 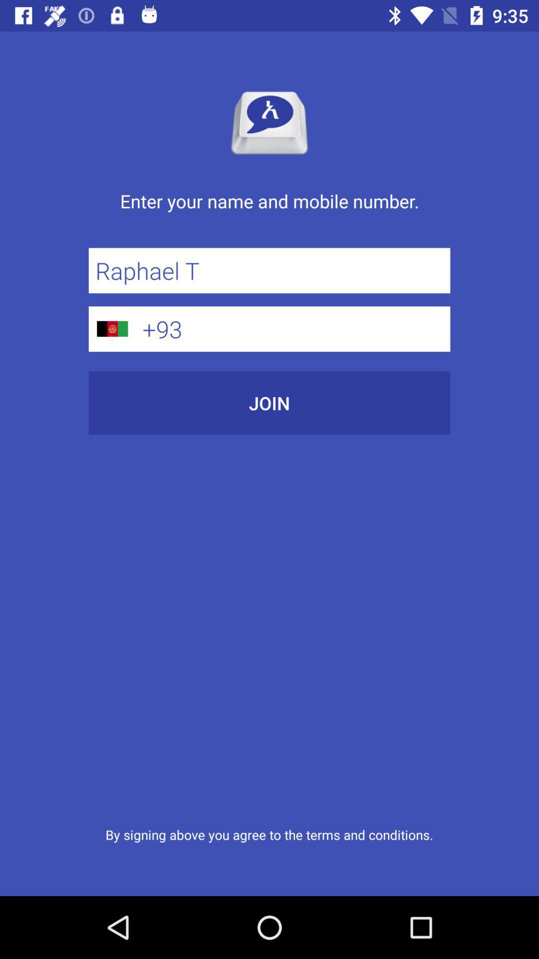 I want to click on join, so click(x=269, y=403).